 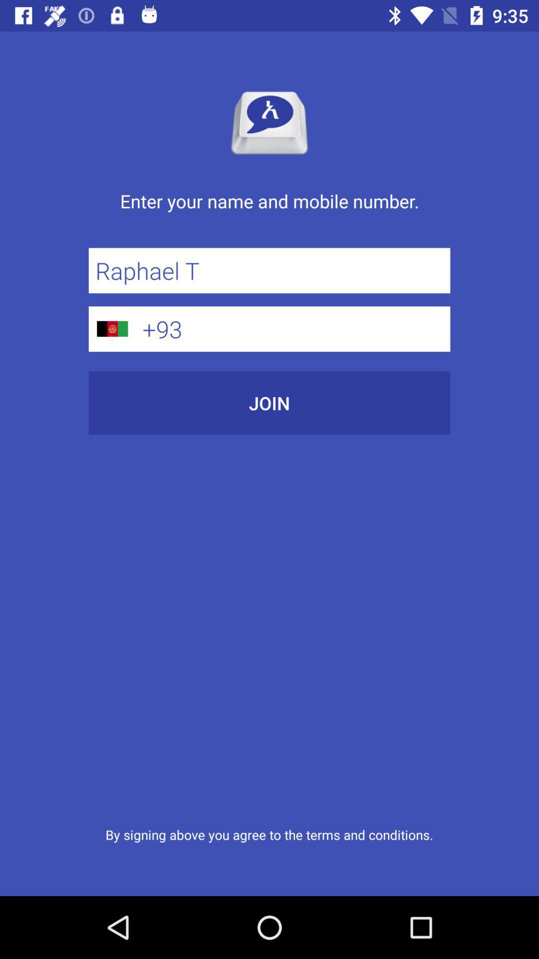 I want to click on join, so click(x=269, y=403).